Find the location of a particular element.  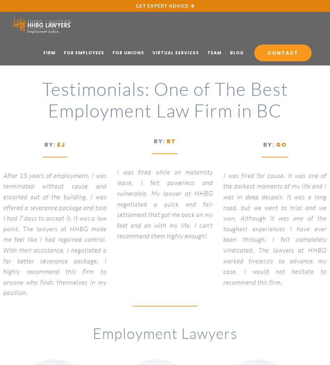

'I was fired while on maternity leave. I felt powerless and vulnerable. My lawyer at HHBG negotiated a quick and fair settlement that got me back on my feet and on with my life. I can’t recommend them highly enough!' is located at coordinates (116, 203).